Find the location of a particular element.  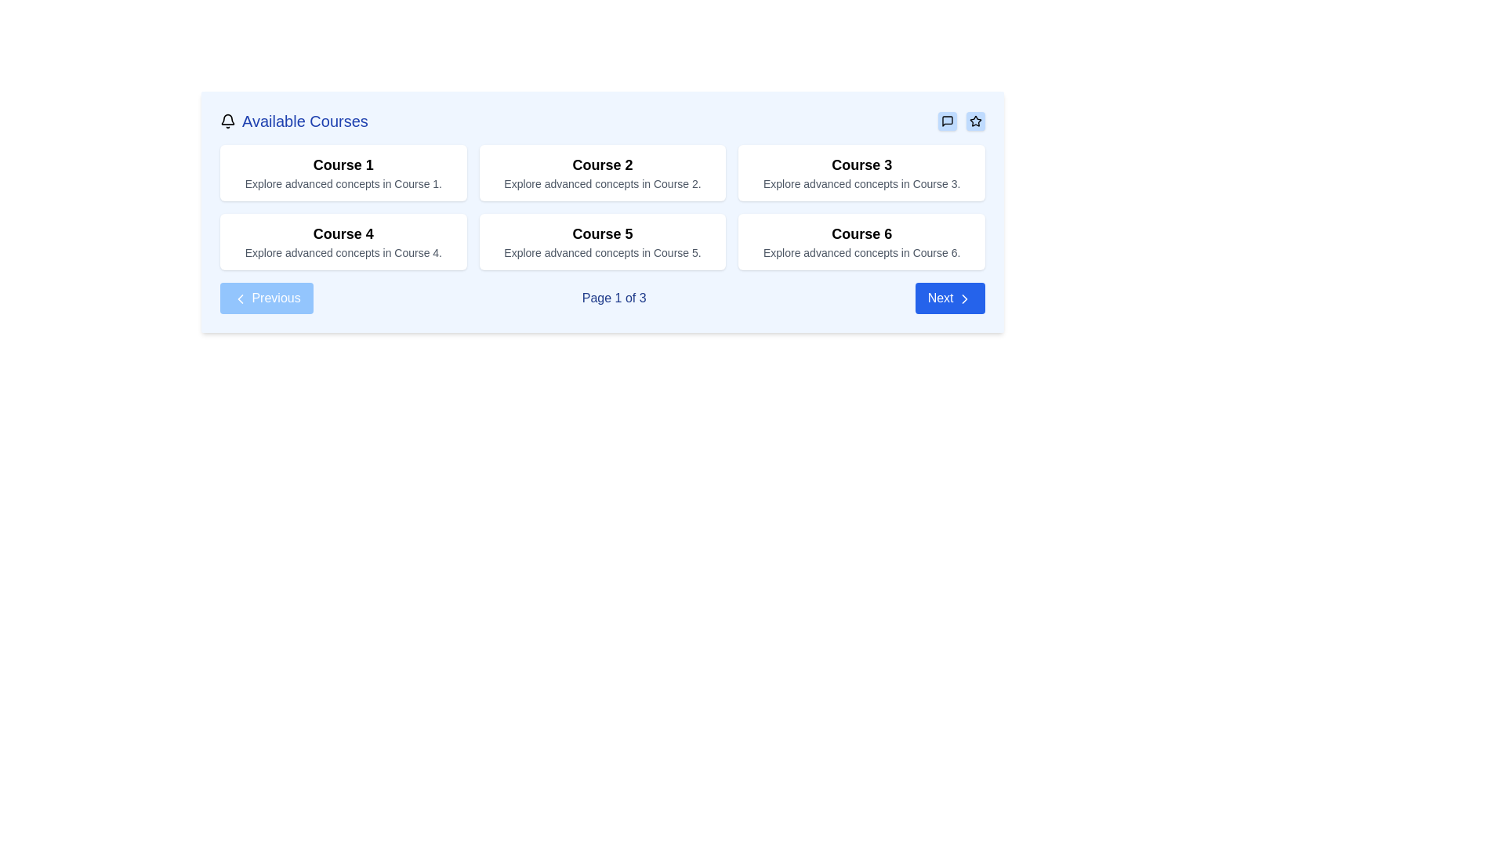

the star icon with a blue background located in the top-right corner of the interface is located at coordinates (974, 120).